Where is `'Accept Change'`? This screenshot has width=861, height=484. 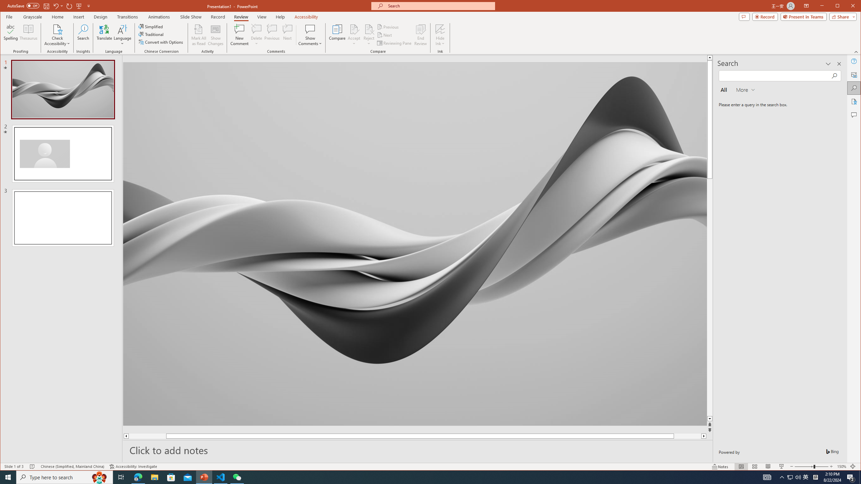
'Accept Change' is located at coordinates (354, 29).